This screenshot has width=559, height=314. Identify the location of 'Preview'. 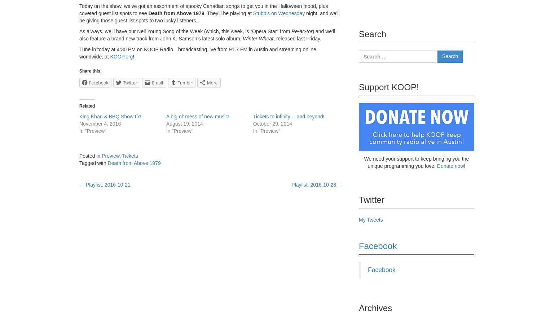
(110, 156).